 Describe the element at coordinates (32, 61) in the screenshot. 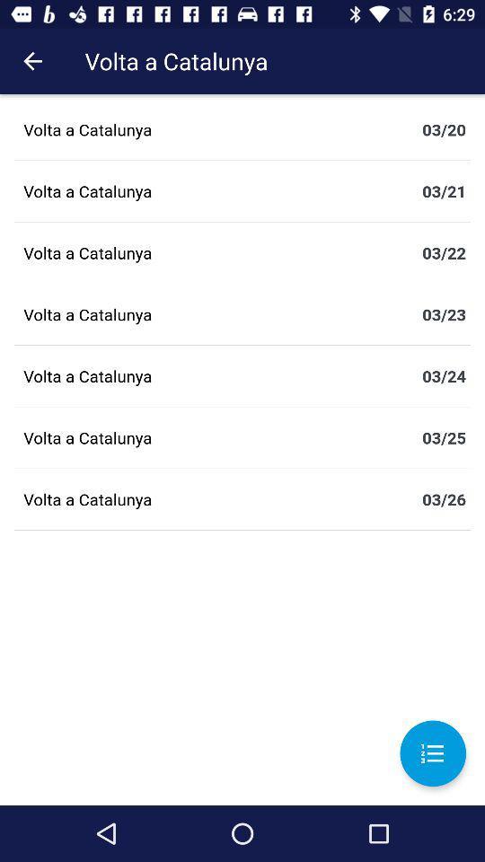

I see `the icon at the top left corner` at that location.